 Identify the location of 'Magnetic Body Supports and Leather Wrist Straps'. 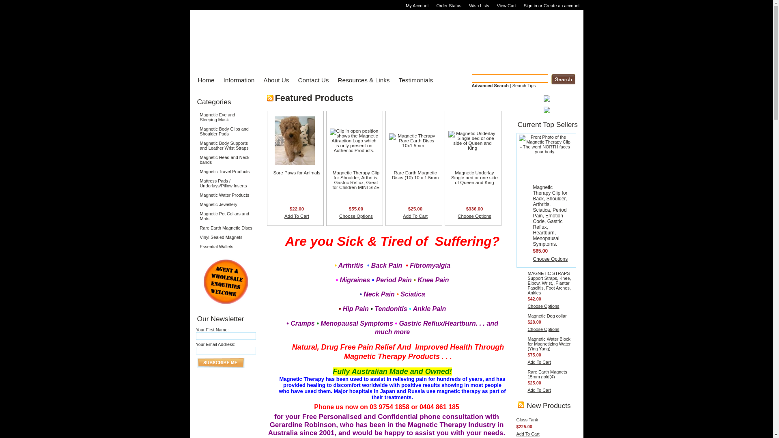
(226, 145).